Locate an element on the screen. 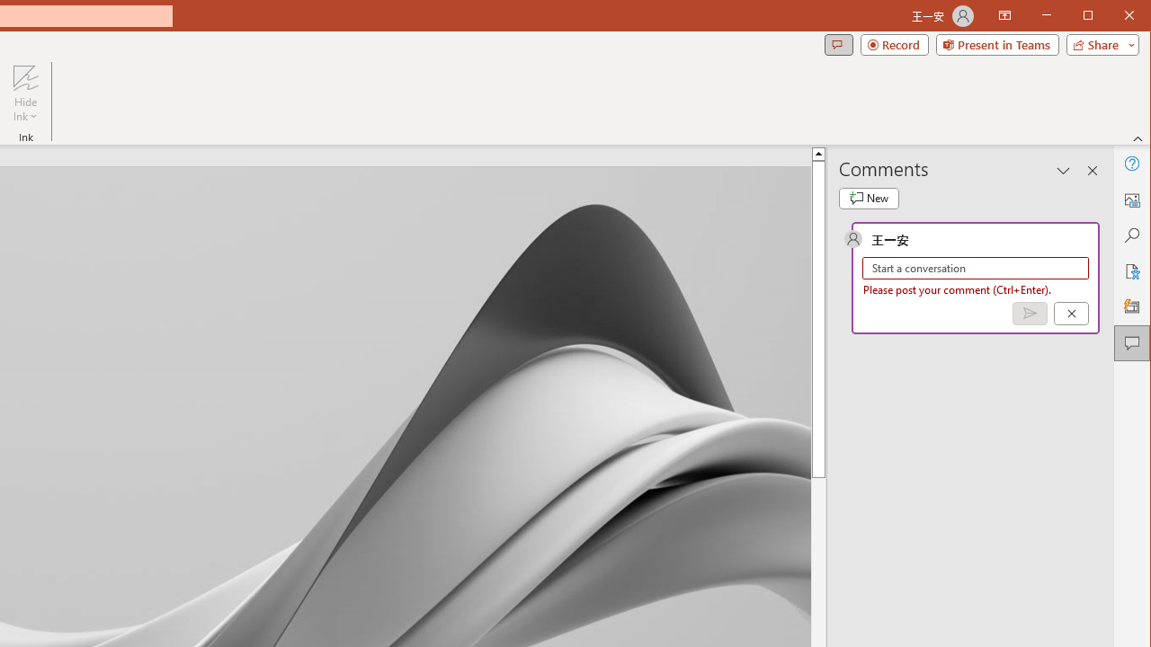 Image resolution: width=1151 pixels, height=647 pixels. 'Cancel' is located at coordinates (1071, 313).